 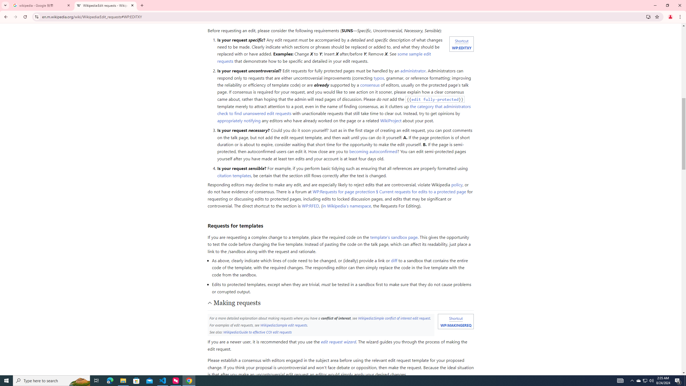 What do you see at coordinates (456, 318) in the screenshot?
I see `'Shortcut'` at bounding box center [456, 318].